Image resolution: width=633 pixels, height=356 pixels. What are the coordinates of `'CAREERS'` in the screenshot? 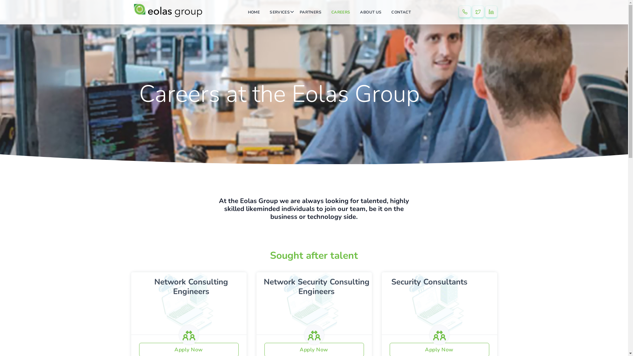 It's located at (341, 12).